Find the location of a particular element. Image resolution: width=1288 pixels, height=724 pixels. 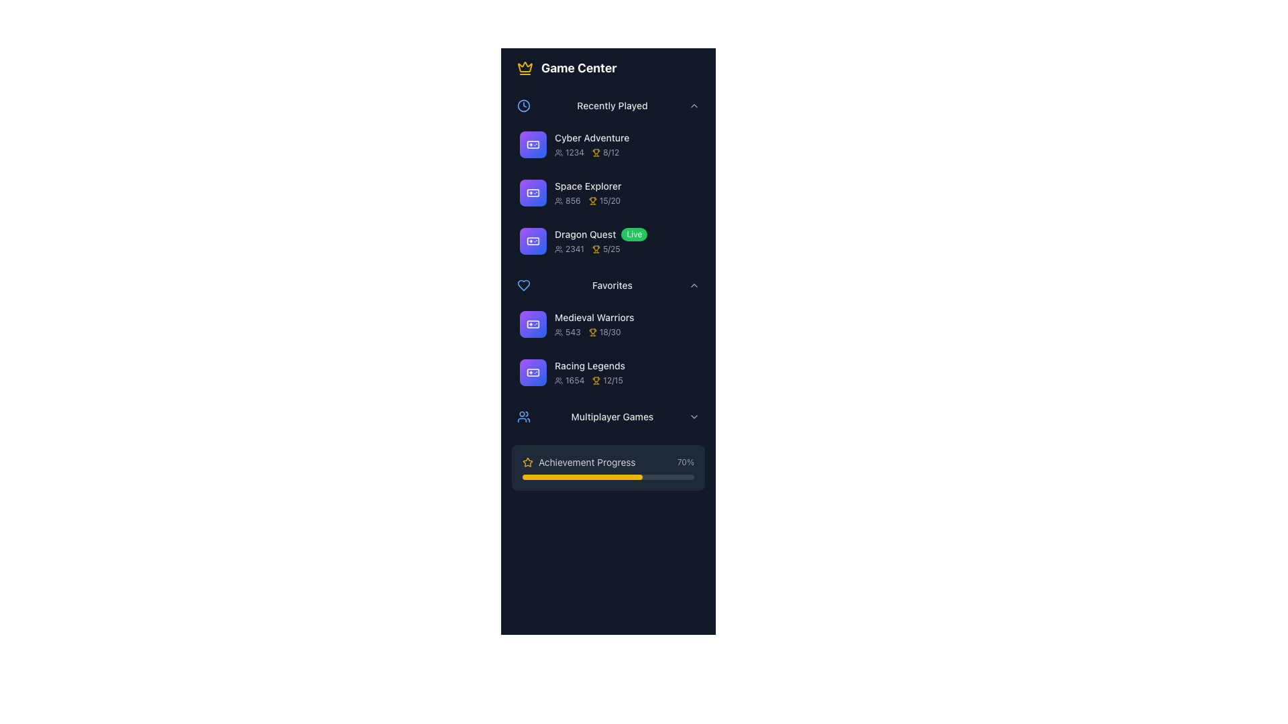

the SVG icon representing the number of players or collaborators next to the text '543' in the 'Medieval Warriors' item in the Favorites section of the Game Center interface is located at coordinates (559, 332).